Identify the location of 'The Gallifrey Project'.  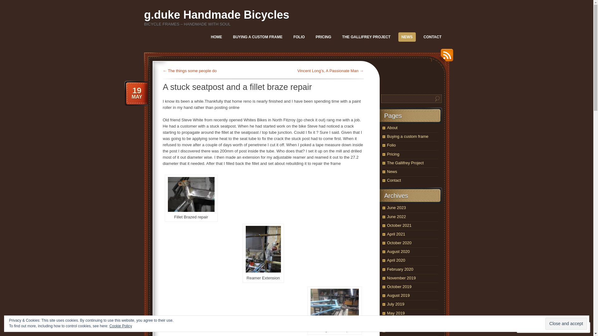
(405, 162).